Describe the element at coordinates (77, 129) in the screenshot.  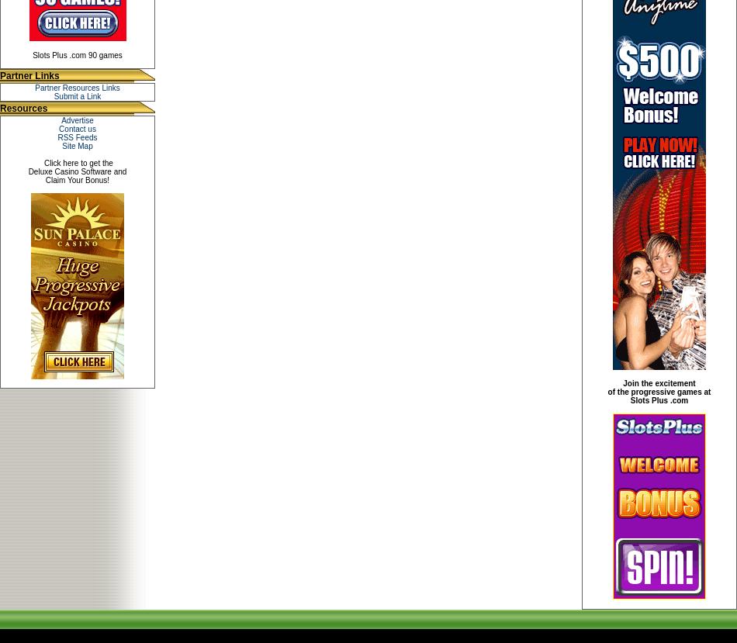
I see `'Contact us'` at that location.